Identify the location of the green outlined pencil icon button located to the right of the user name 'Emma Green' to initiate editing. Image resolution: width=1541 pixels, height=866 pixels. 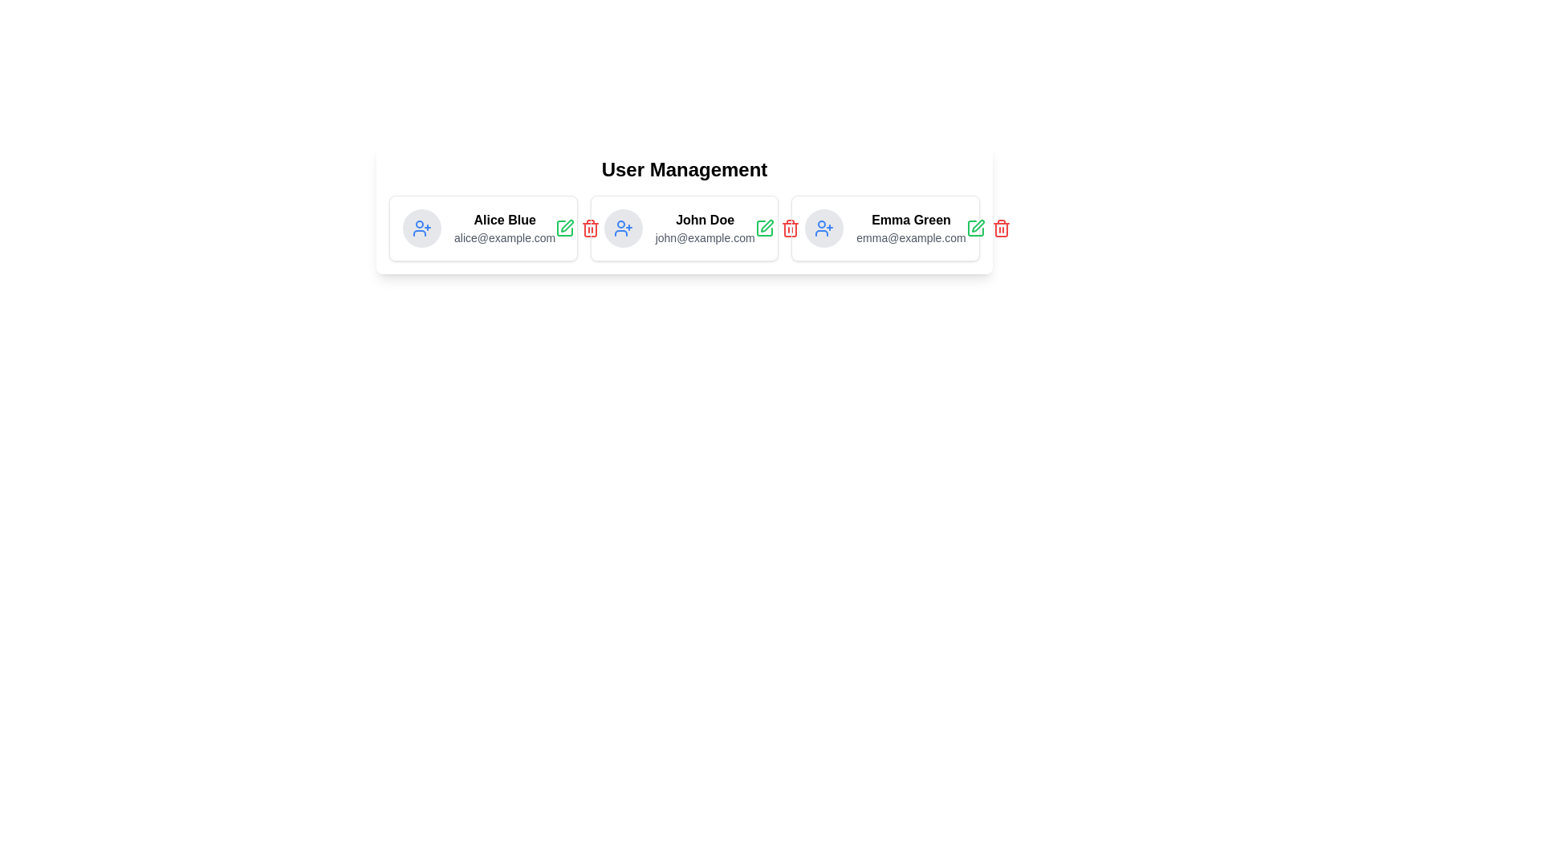
(977, 225).